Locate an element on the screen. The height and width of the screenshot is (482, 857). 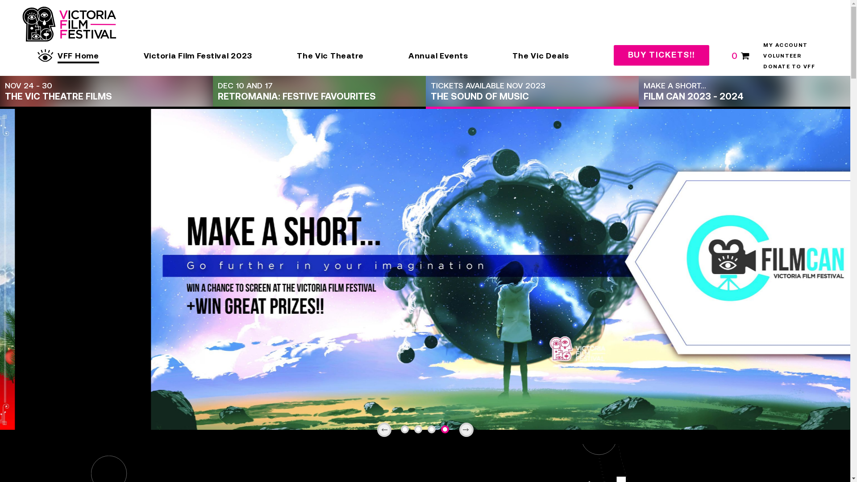
'The Vic Deals' is located at coordinates (540, 55).